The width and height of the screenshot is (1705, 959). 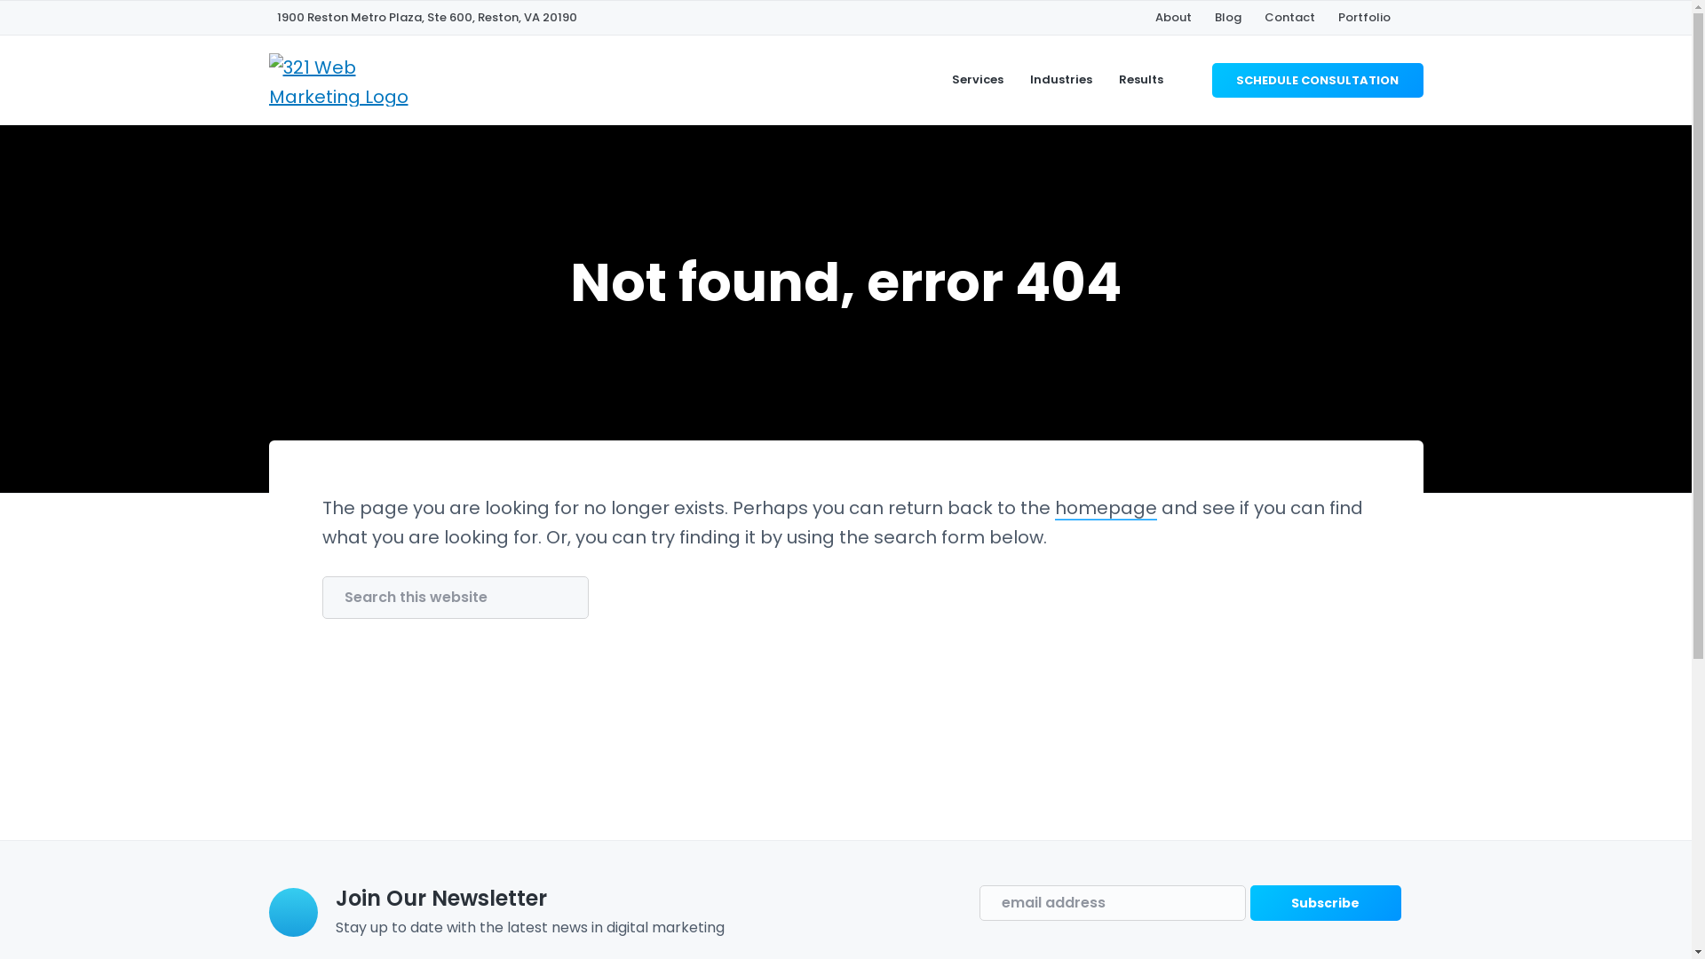 I want to click on 'homepage', so click(x=1105, y=507).